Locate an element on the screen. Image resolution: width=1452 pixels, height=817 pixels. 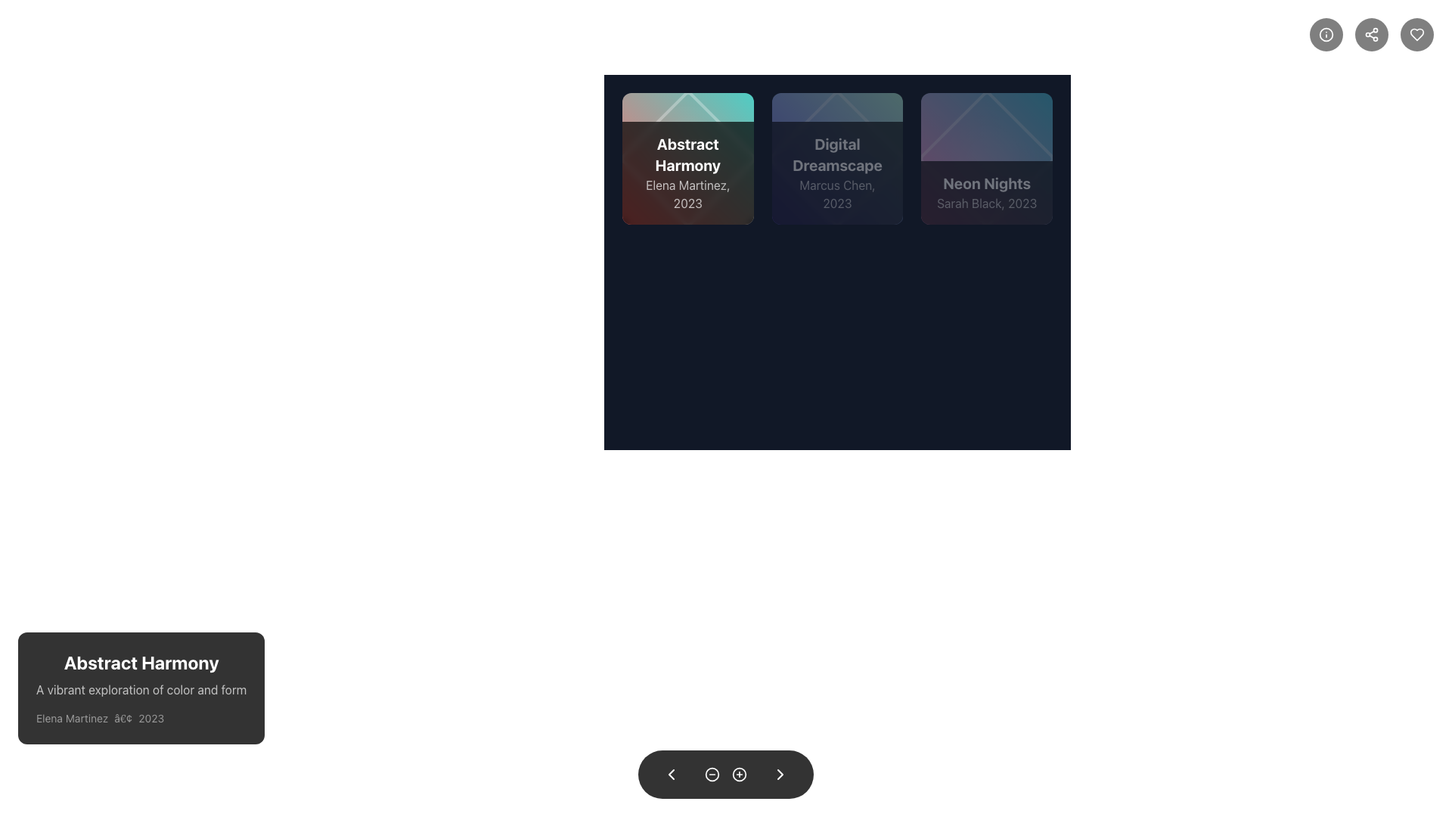
the card displaying the title 'Digital Dreamscape' and subtitle 'Marcus Chen, 2023', which is the second card in a row of three with a dark blue background is located at coordinates (836, 158).